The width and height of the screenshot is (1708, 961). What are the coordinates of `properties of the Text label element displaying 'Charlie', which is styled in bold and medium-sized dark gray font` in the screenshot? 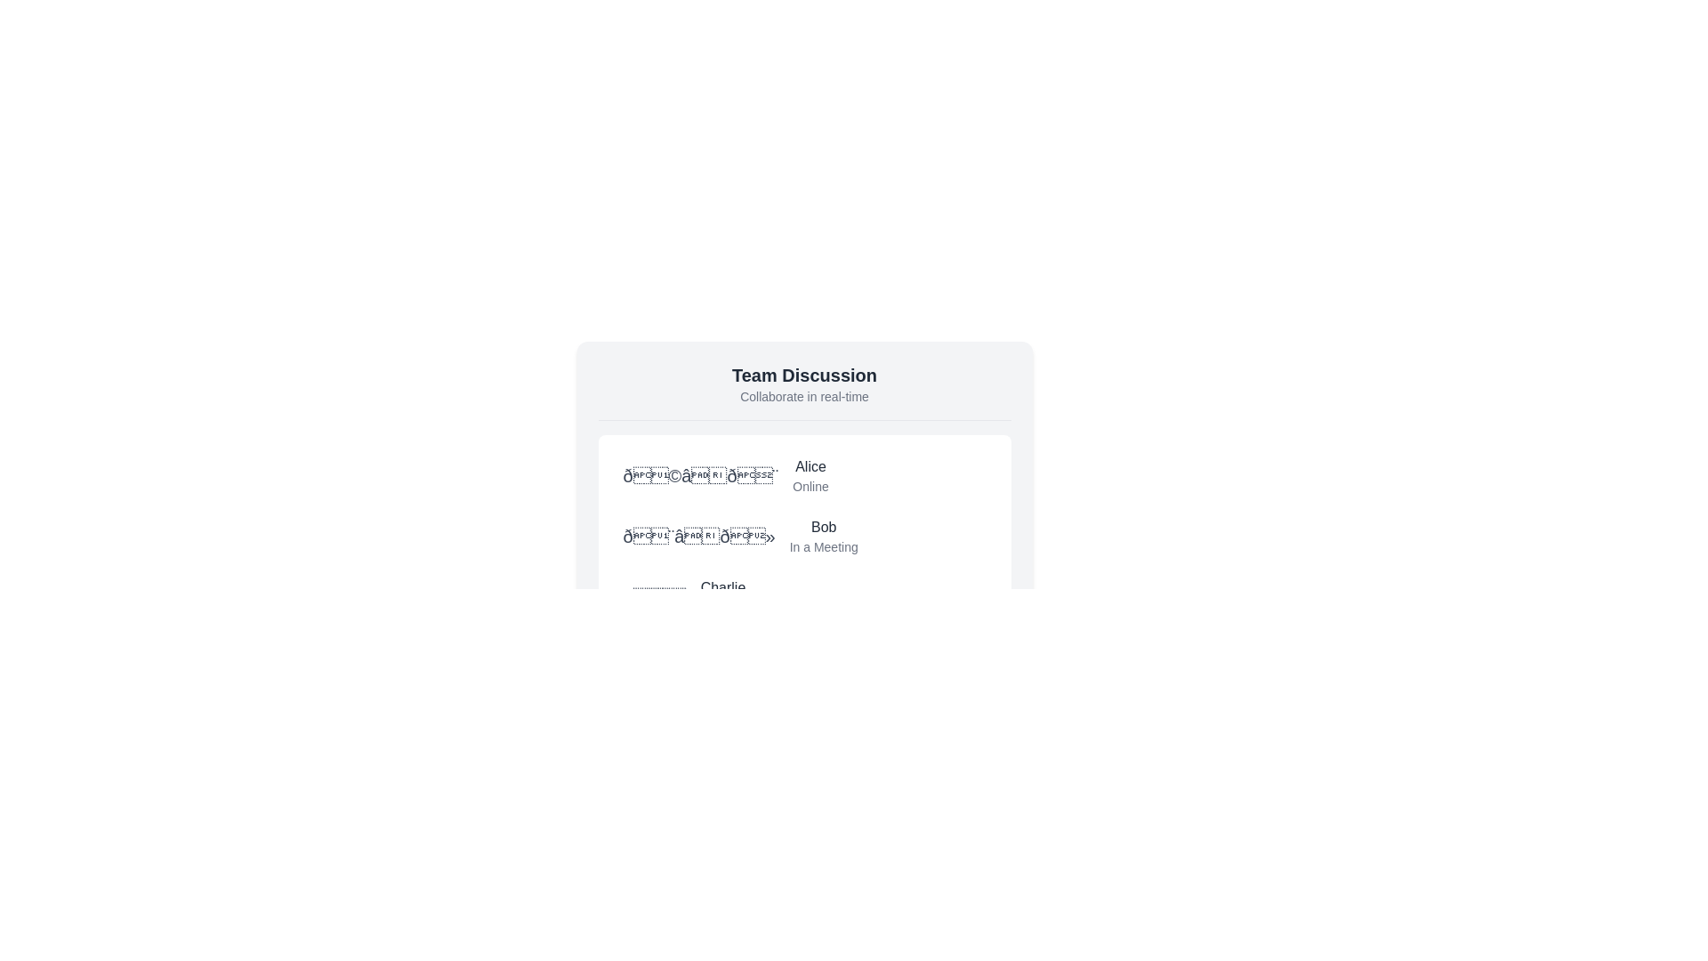 It's located at (722, 587).